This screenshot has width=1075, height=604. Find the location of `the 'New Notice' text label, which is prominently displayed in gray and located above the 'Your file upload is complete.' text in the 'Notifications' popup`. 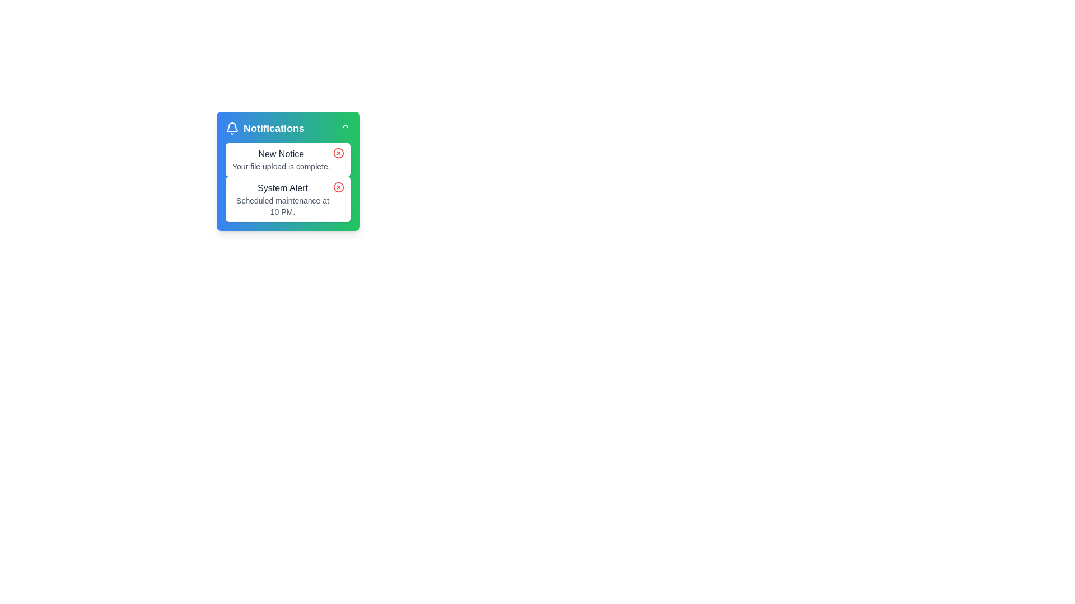

the 'New Notice' text label, which is prominently displayed in gray and located above the 'Your file upload is complete.' text in the 'Notifications' popup is located at coordinates (281, 154).